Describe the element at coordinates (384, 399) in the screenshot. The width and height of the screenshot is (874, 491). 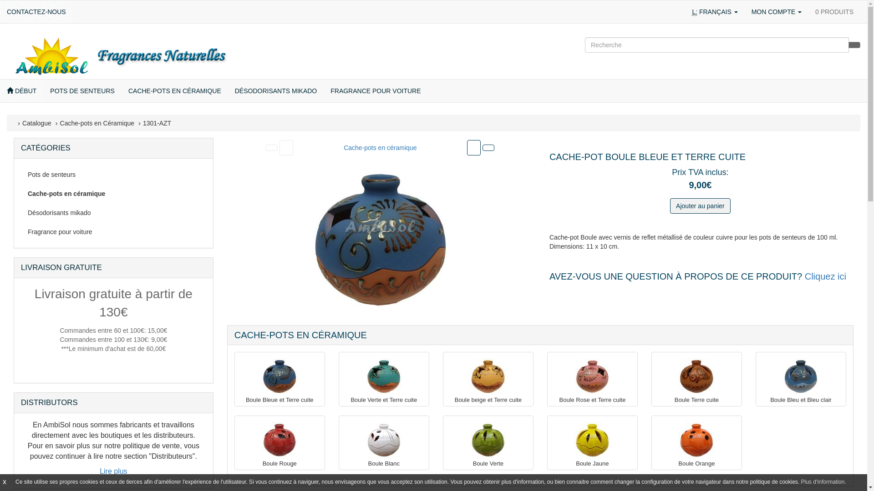
I see `'Boule Verte et Terre cuite'` at that location.